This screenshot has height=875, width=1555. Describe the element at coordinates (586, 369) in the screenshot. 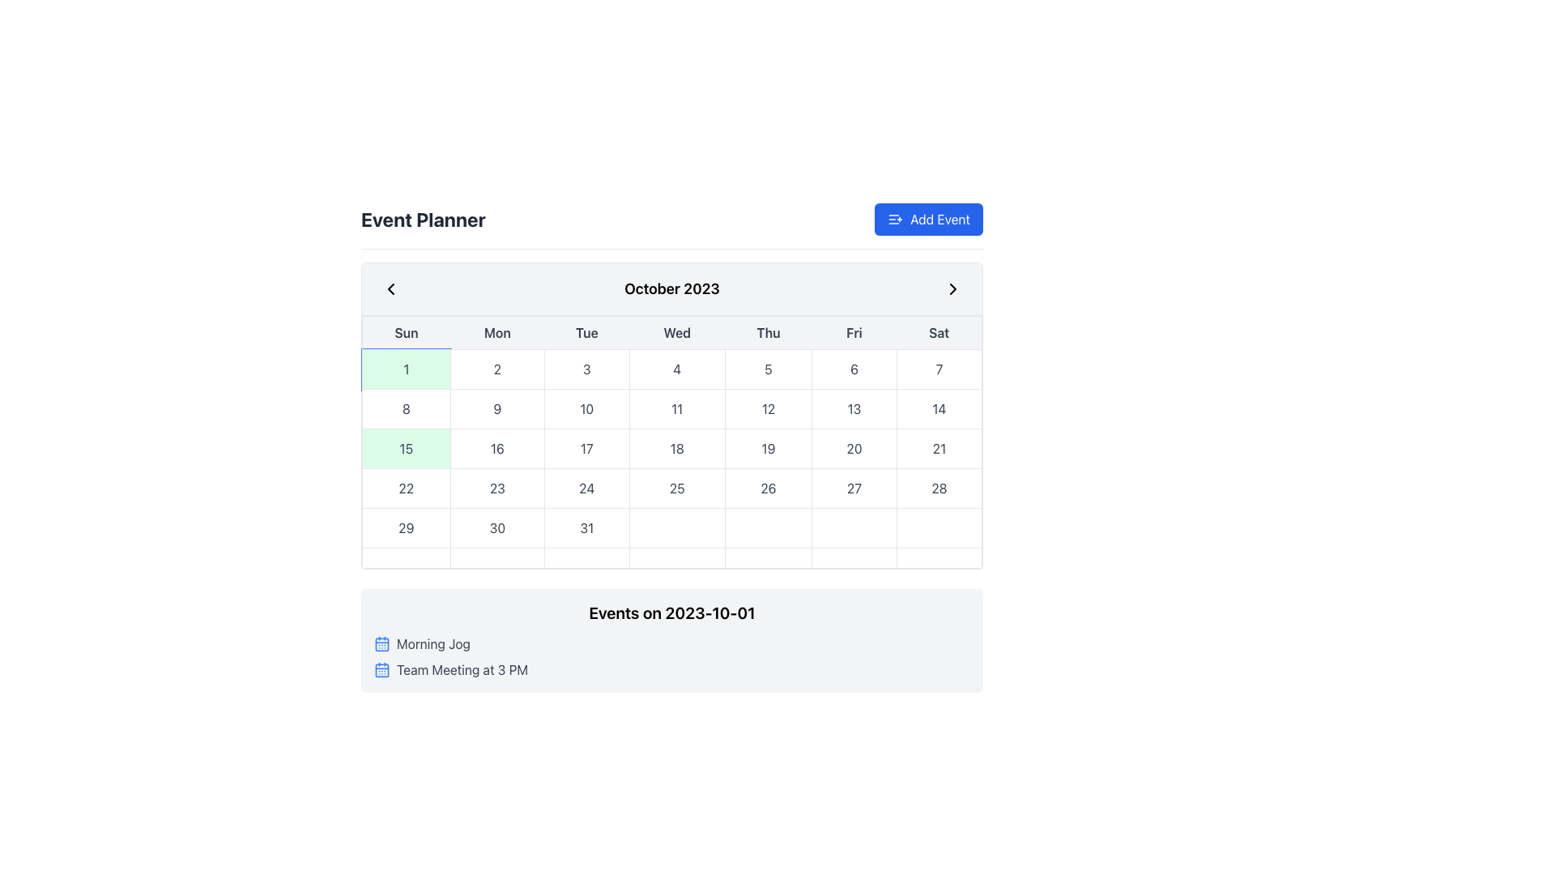

I see `the button-like text element representing the date '3' in the calendar` at that location.